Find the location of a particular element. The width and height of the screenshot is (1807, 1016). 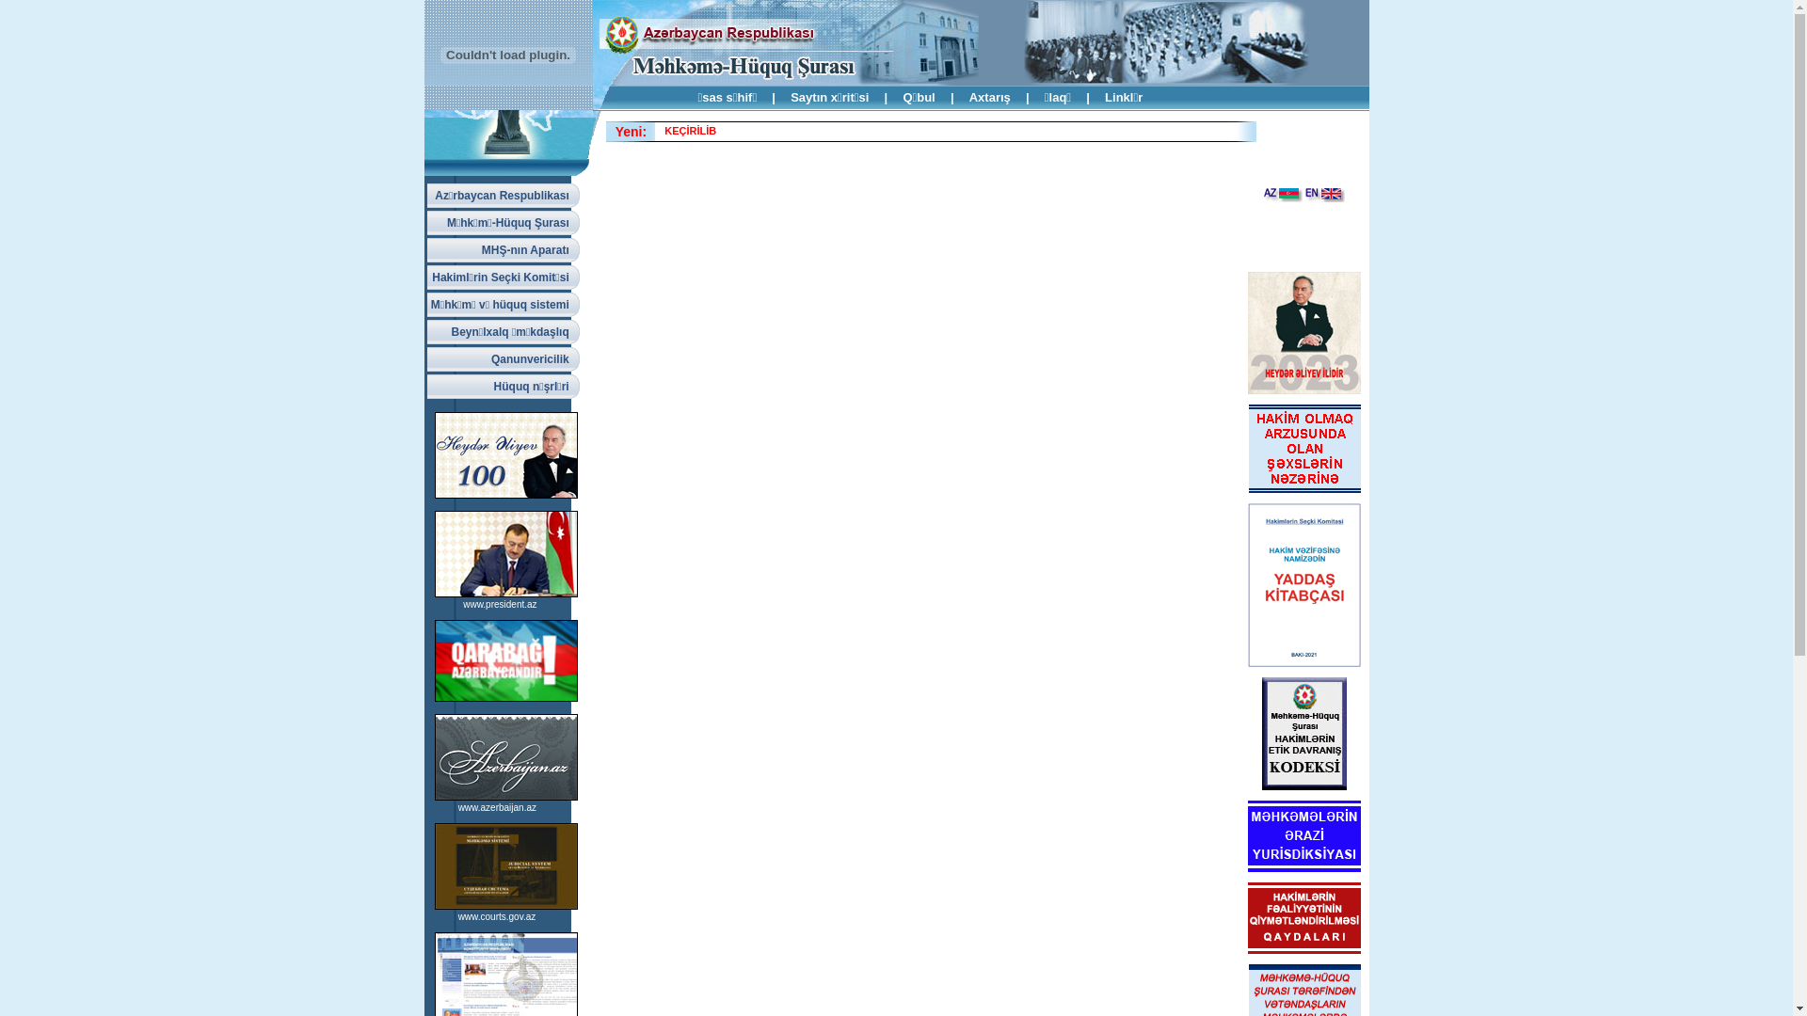

'www.courts.gov.az' is located at coordinates (497, 915).